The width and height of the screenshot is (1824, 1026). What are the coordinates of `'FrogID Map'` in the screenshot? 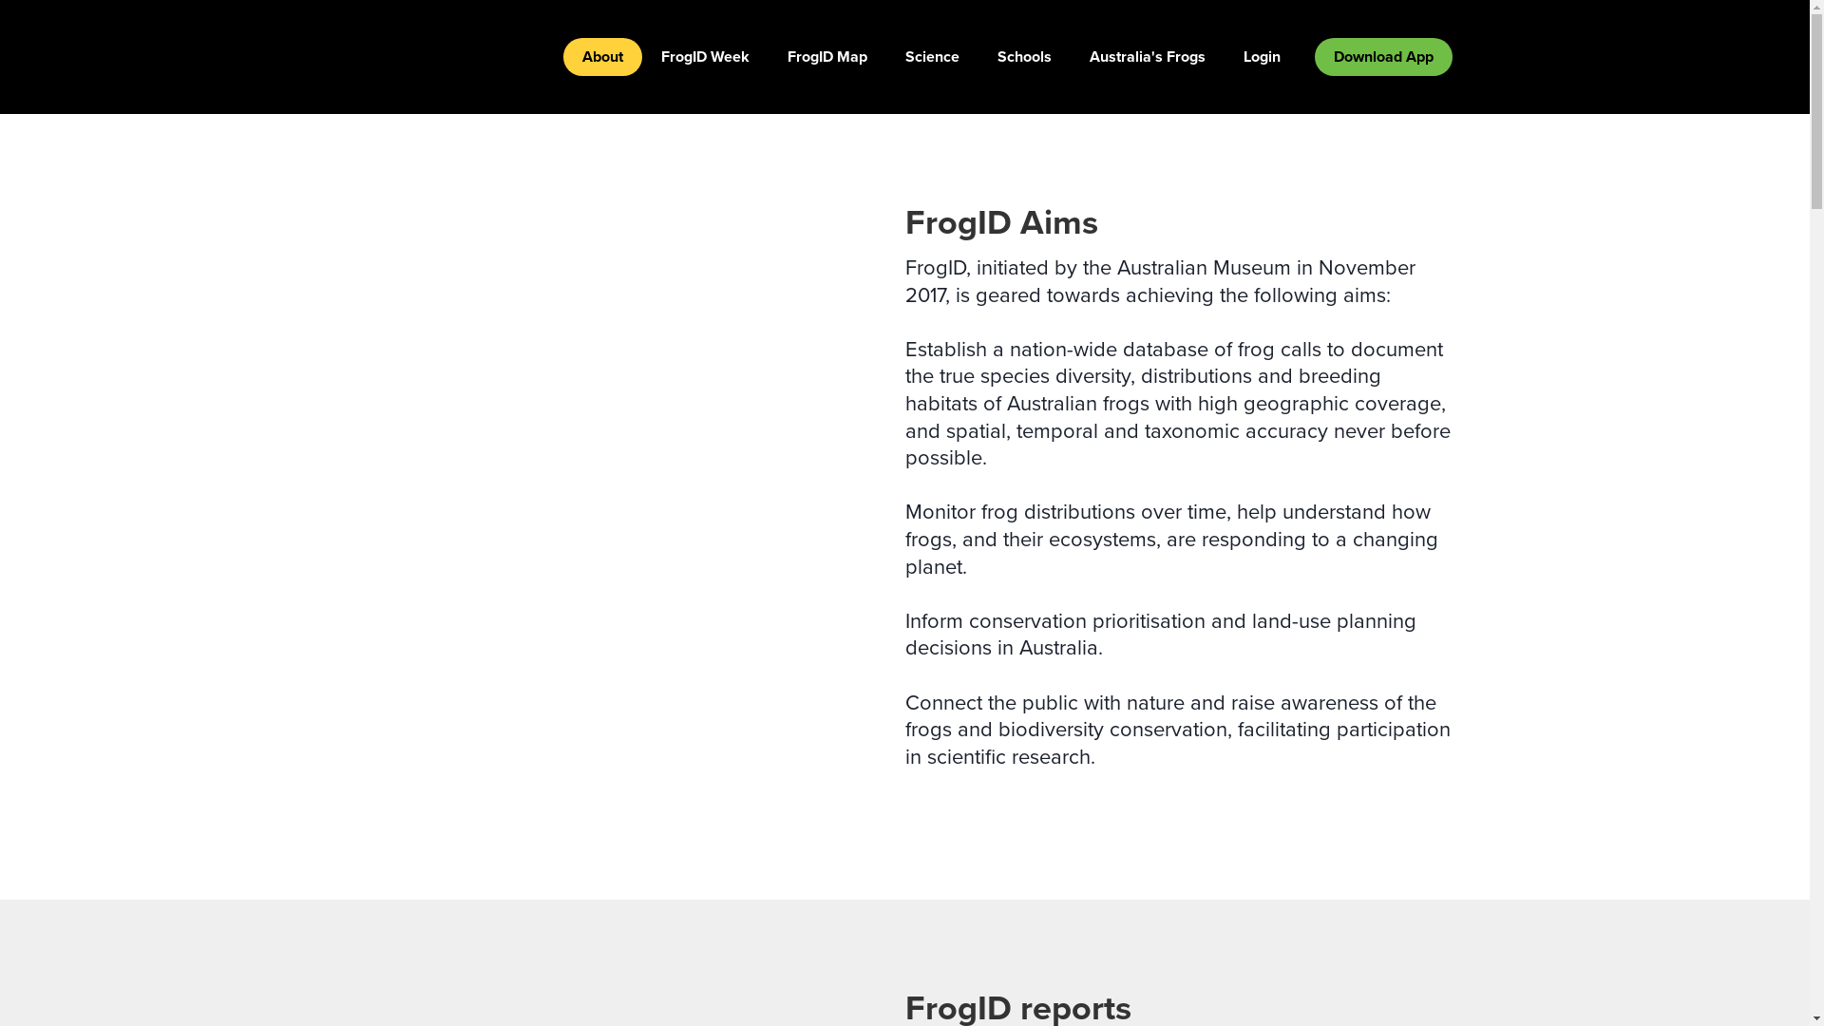 It's located at (770, 56).